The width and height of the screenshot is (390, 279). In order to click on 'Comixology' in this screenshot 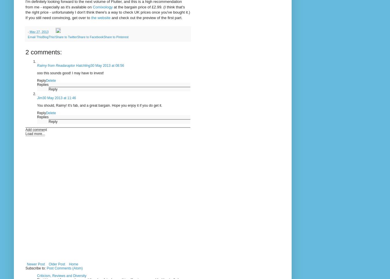, I will do `click(93, 6)`.